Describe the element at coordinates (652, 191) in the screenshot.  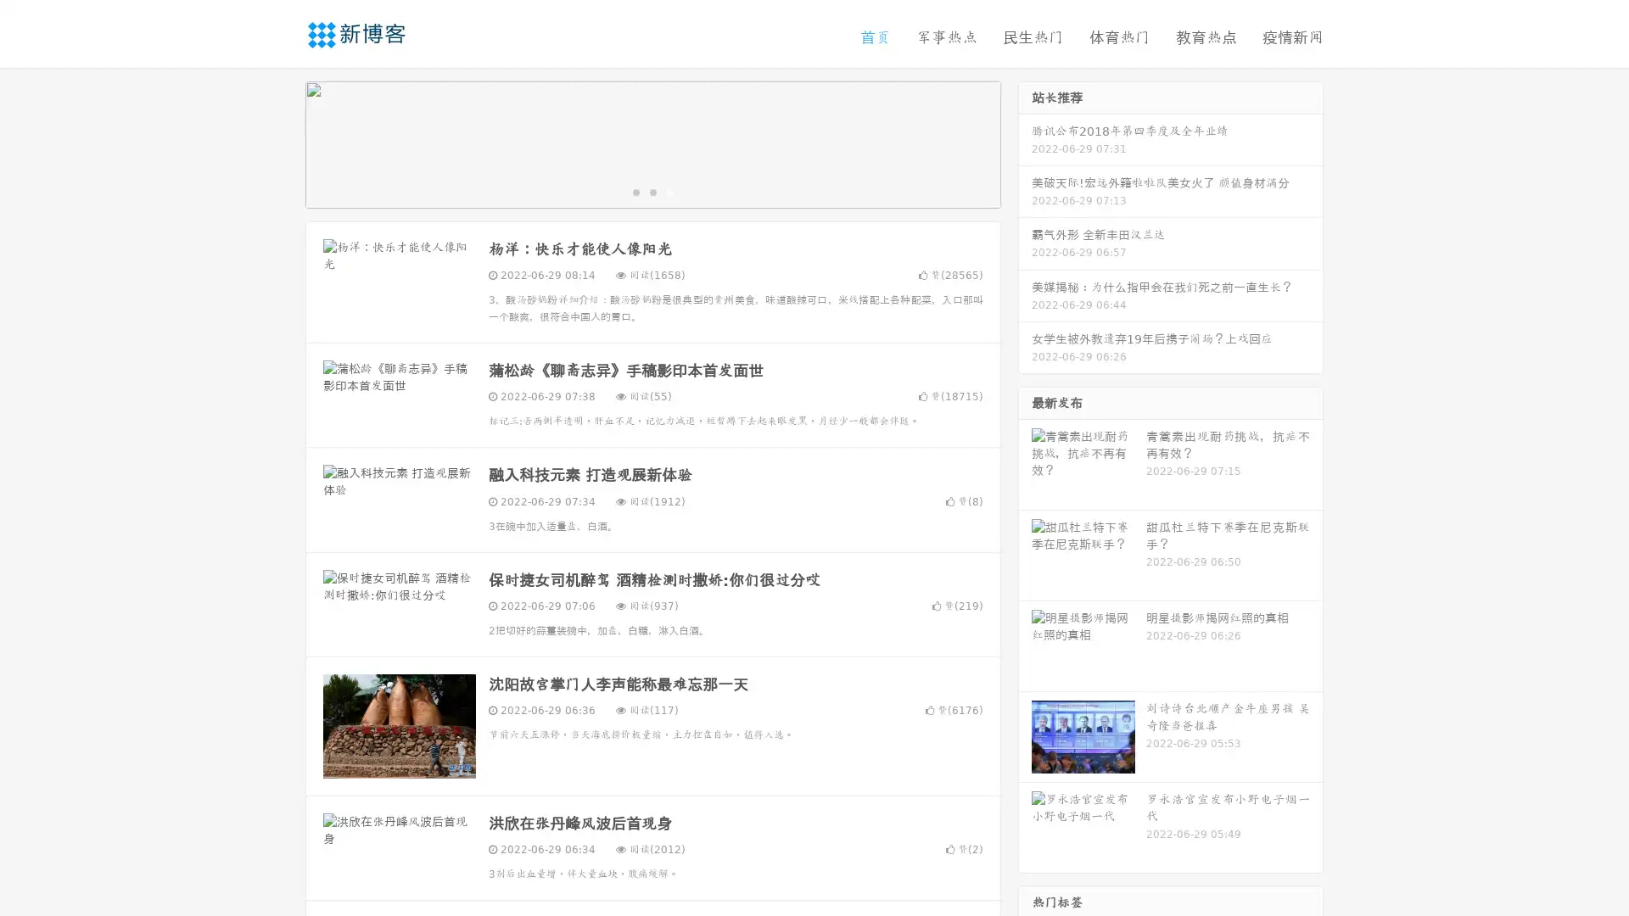
I see `Go to slide 2` at that location.